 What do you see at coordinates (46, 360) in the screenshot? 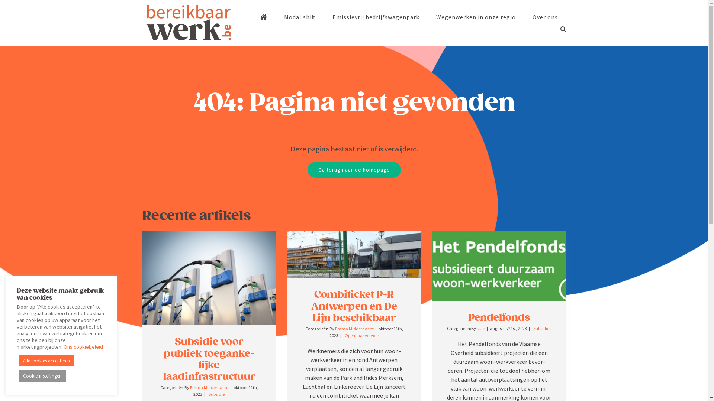
I see `'Alle cookies accepteren'` at bounding box center [46, 360].